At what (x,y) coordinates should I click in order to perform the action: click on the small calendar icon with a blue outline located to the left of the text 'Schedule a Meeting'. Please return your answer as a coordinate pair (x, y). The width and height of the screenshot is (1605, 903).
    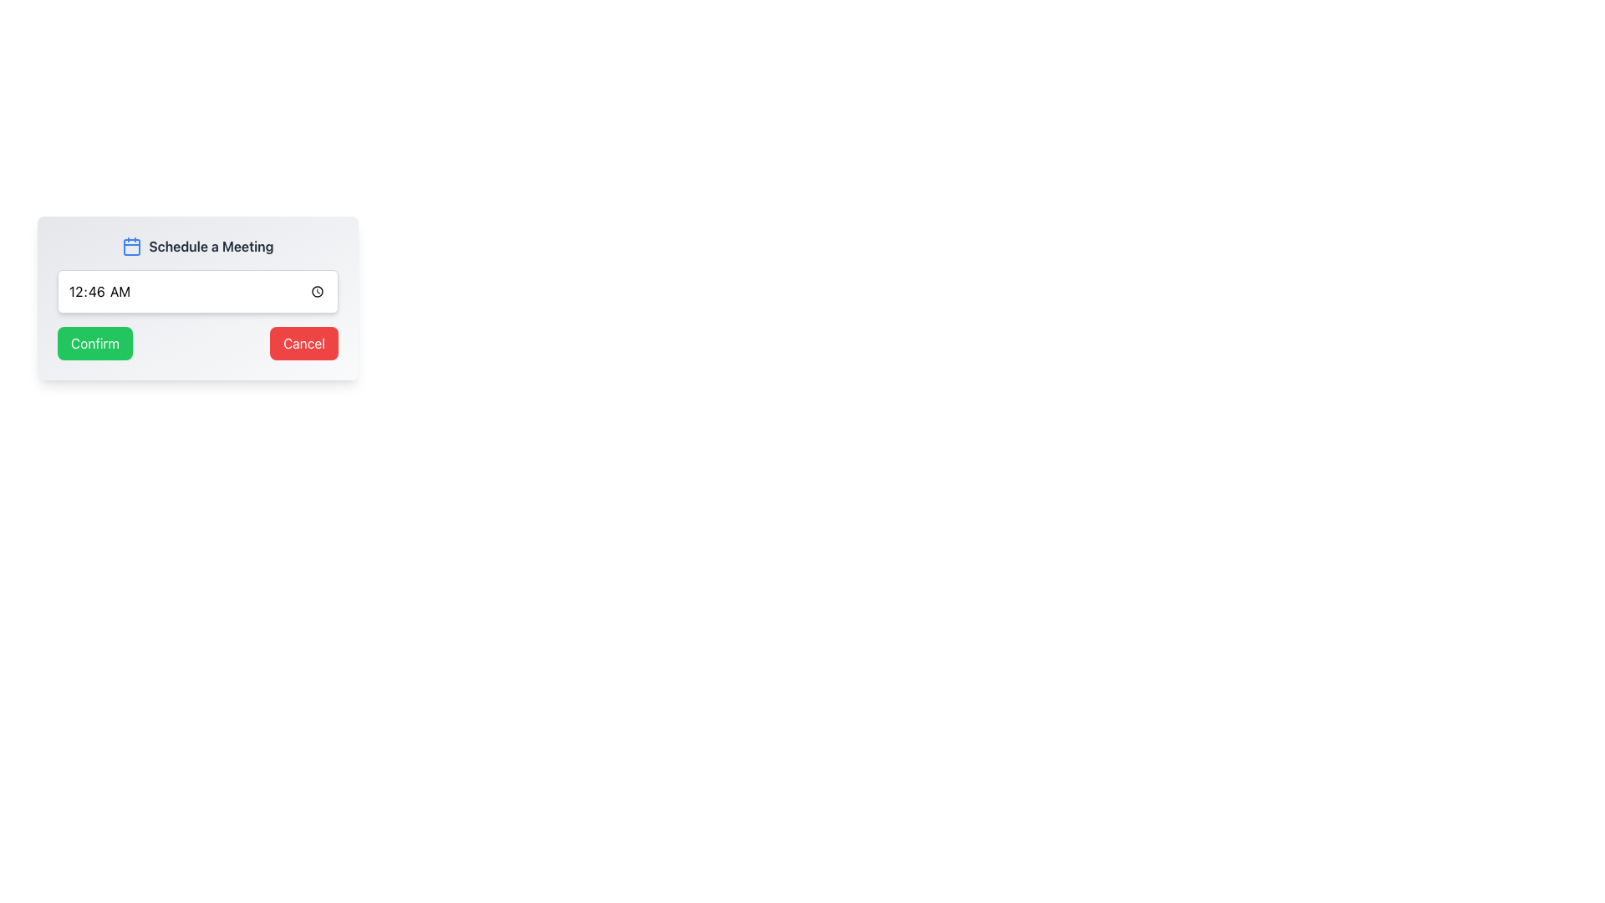
    Looking at the image, I should click on (131, 246).